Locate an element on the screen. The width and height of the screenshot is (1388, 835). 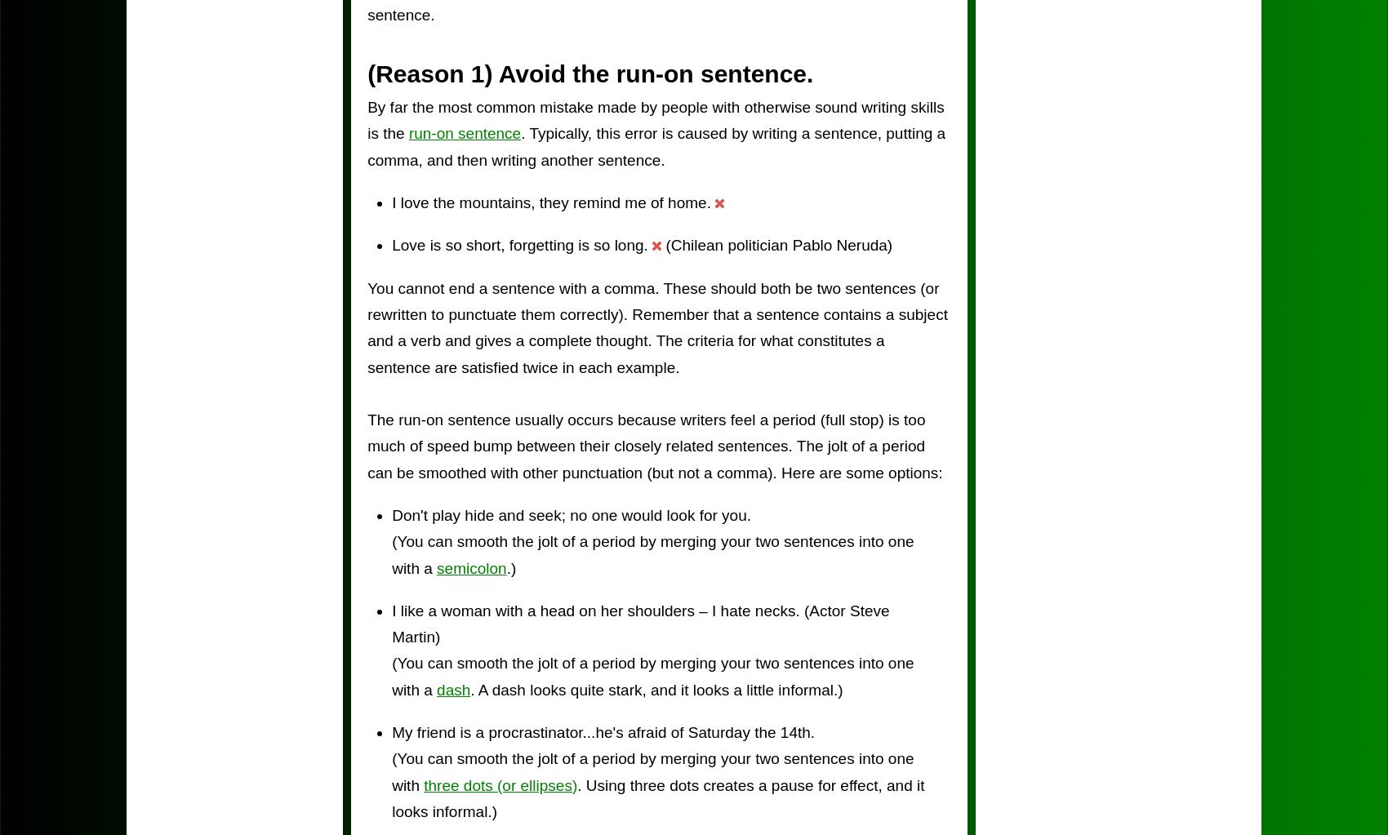
'three dots (or ellipses)' is located at coordinates (424, 784).